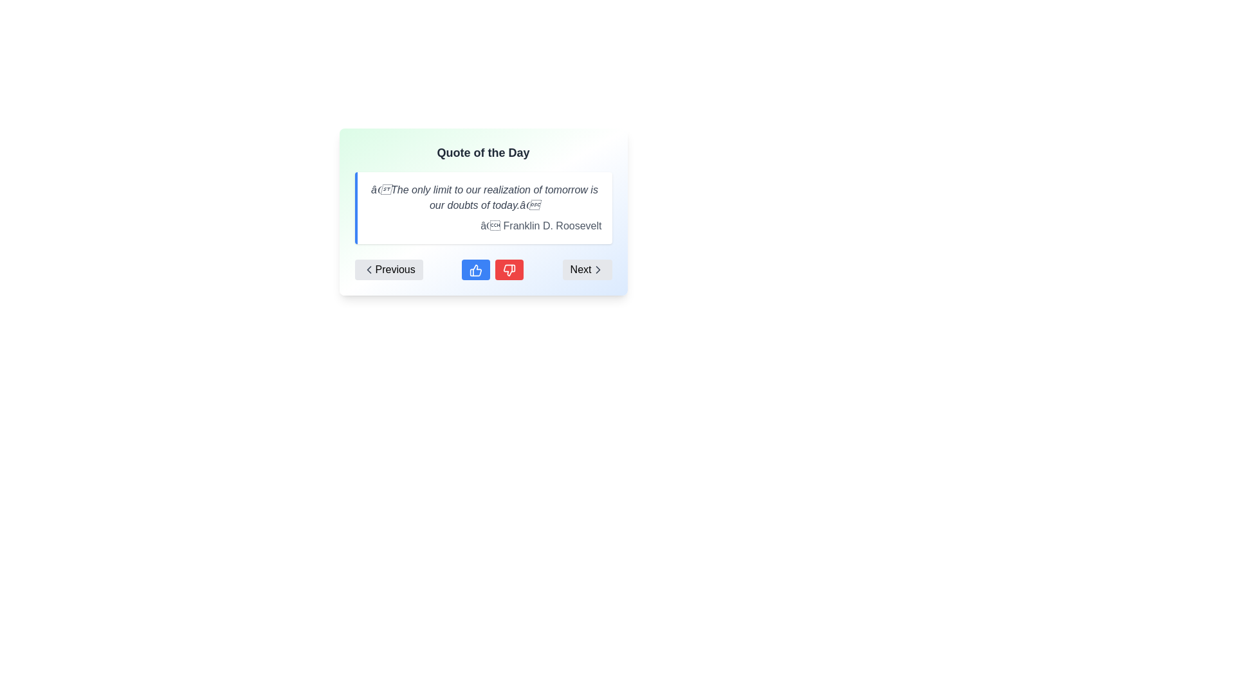  Describe the element at coordinates (509, 269) in the screenshot. I see `the Feedback Button, which is the third button from the left in the set of interactive buttons under the quote, to provide negative feedback` at that location.